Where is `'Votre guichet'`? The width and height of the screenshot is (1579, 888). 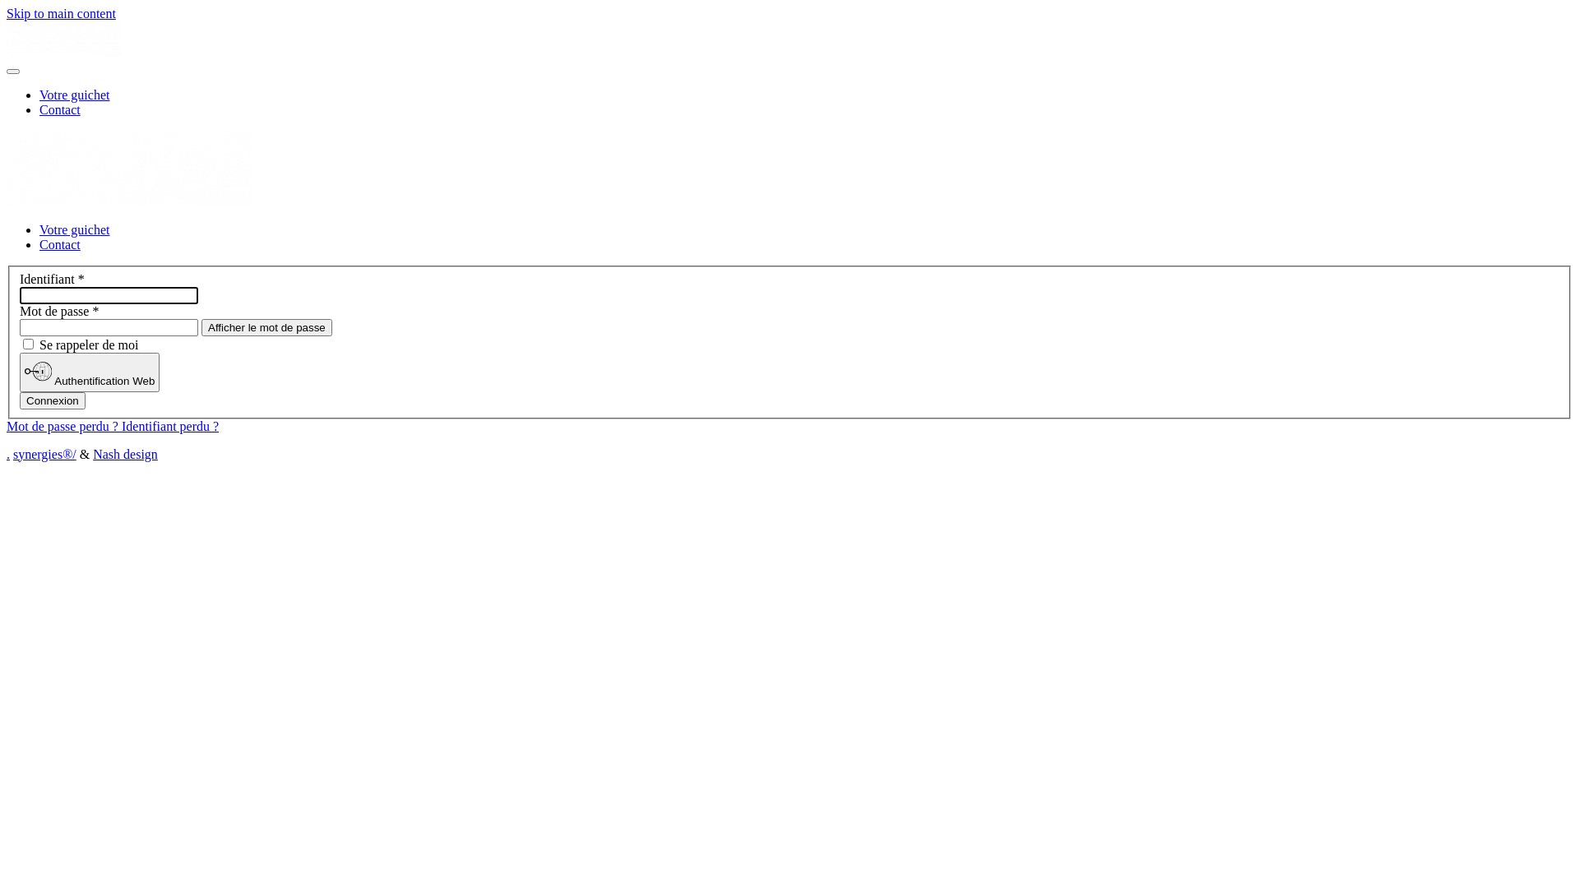
'Votre guichet' is located at coordinates (73, 229).